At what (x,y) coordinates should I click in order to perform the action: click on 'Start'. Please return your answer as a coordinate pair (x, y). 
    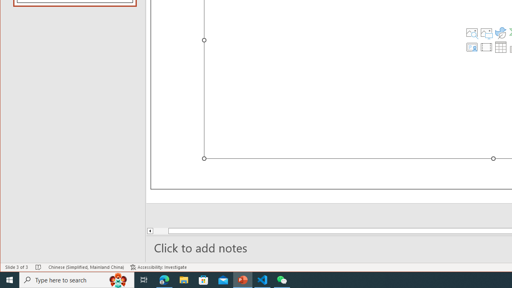
    Looking at the image, I should click on (10, 279).